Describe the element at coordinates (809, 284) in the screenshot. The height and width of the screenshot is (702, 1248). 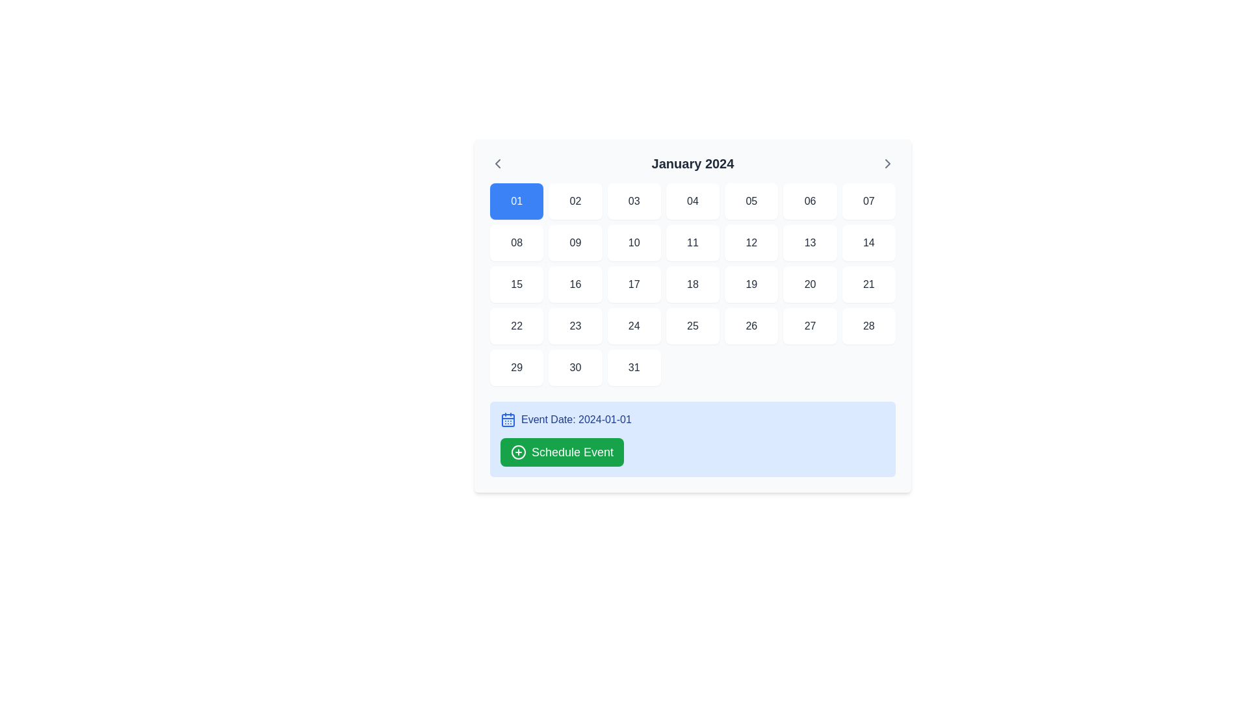
I see `the button labeled '20' which is the 20th cell in a 7-column grid, located in the third row and sixth column` at that location.